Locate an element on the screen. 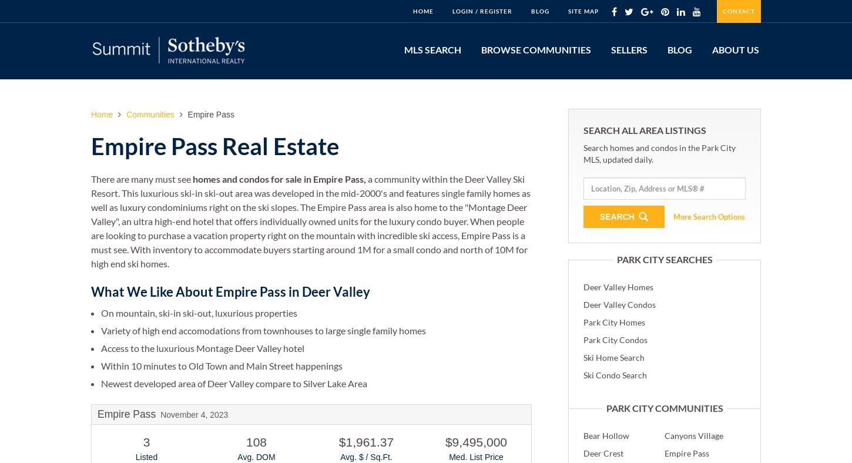  'SEARCH' is located at coordinates (618, 216).